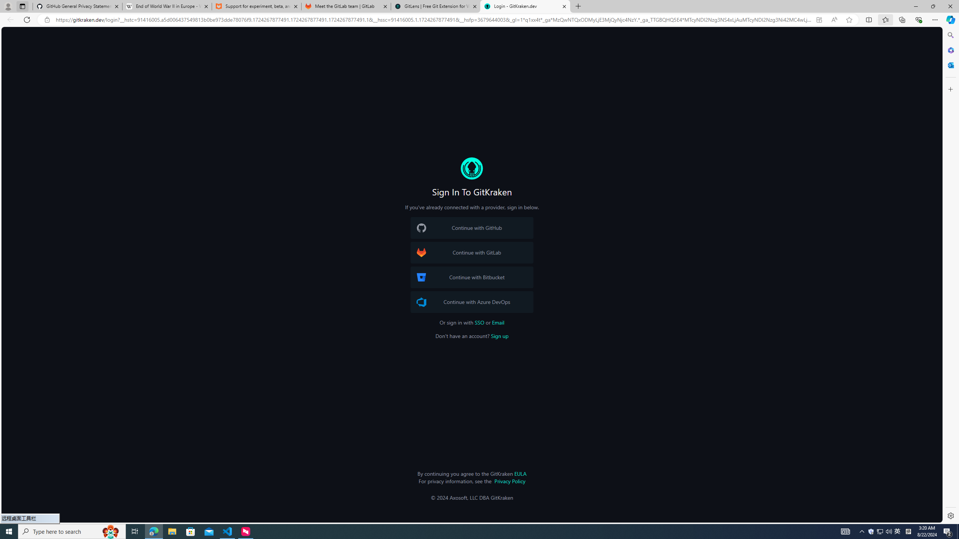 The height and width of the screenshot is (539, 959). I want to click on 'EULA', so click(520, 473).